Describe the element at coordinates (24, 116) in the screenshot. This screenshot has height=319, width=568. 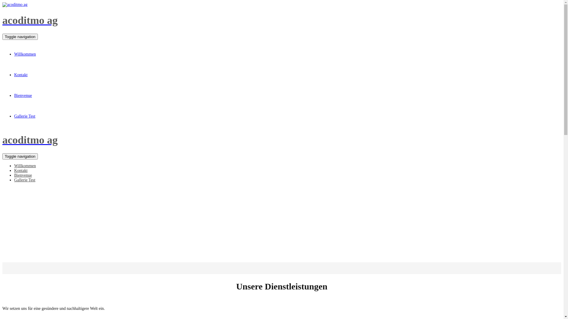
I see `'Gallerie Test'` at that location.